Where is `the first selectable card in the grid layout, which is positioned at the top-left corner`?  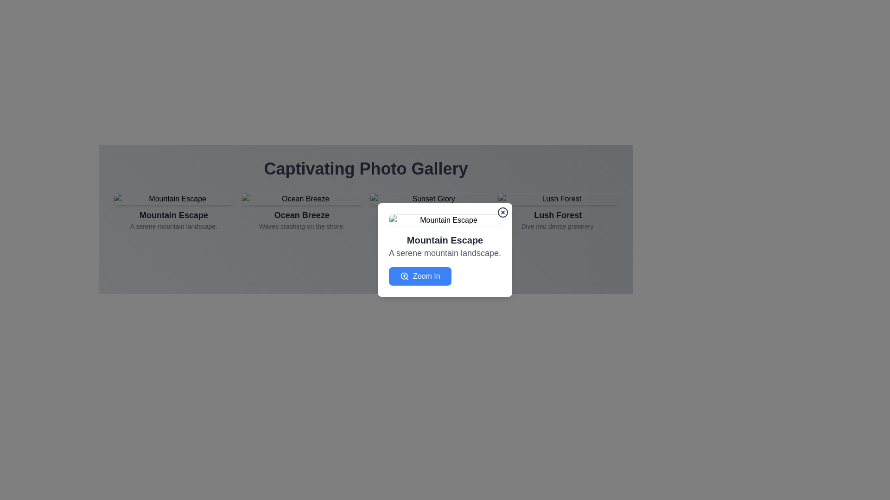
the first selectable card in the grid layout, which is positioned at the top-left corner is located at coordinates (174, 214).